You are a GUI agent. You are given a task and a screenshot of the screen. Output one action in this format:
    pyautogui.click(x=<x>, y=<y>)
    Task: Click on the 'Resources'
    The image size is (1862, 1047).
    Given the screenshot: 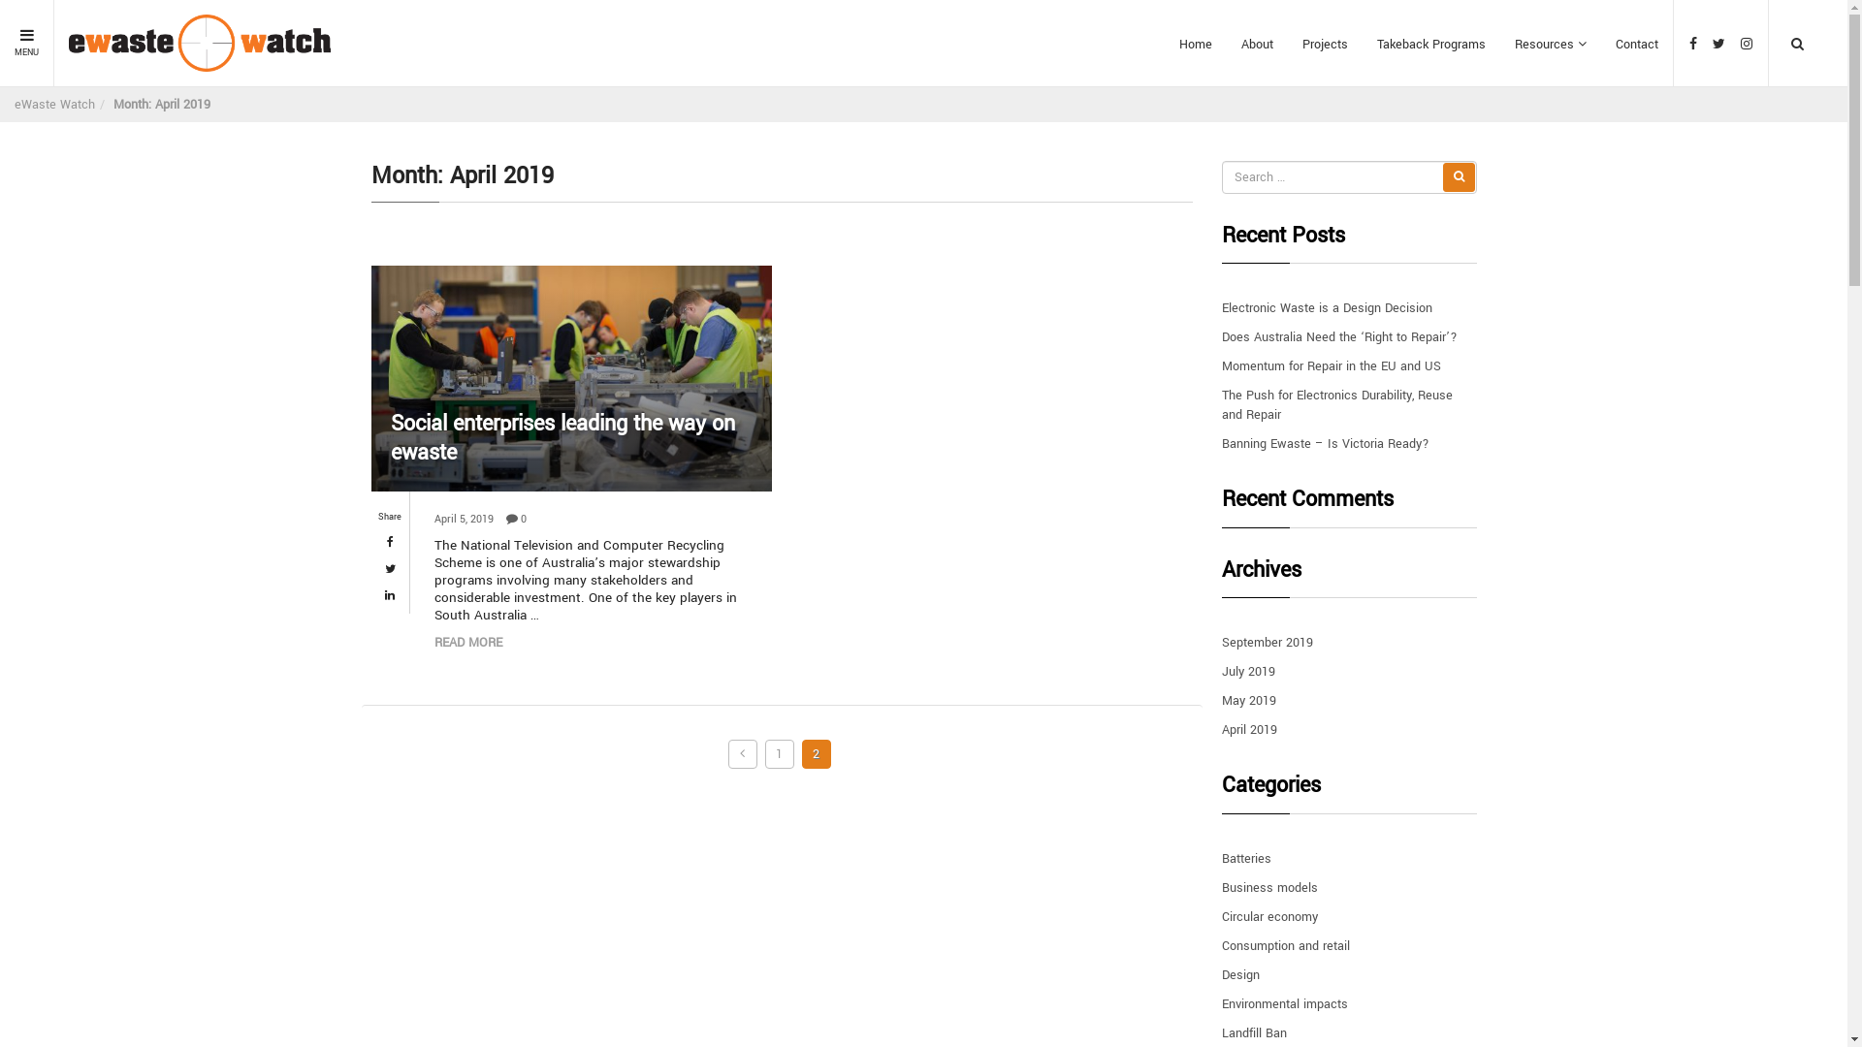 What is the action you would take?
    pyautogui.click(x=1498, y=44)
    